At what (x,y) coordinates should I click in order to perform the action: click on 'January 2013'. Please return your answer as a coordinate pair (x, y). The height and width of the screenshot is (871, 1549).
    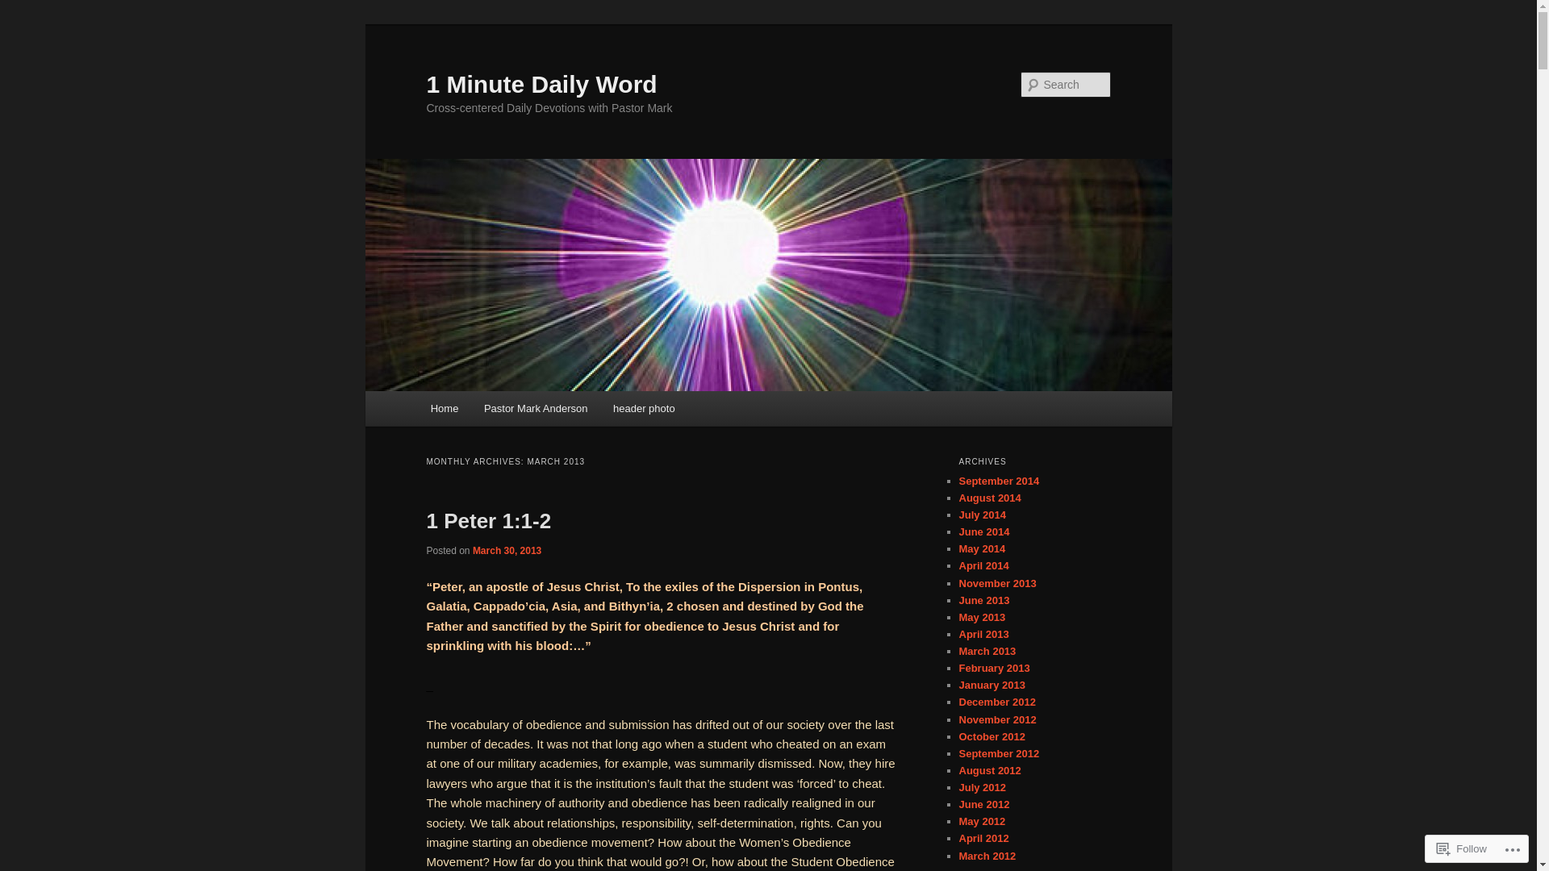
    Looking at the image, I should click on (990, 685).